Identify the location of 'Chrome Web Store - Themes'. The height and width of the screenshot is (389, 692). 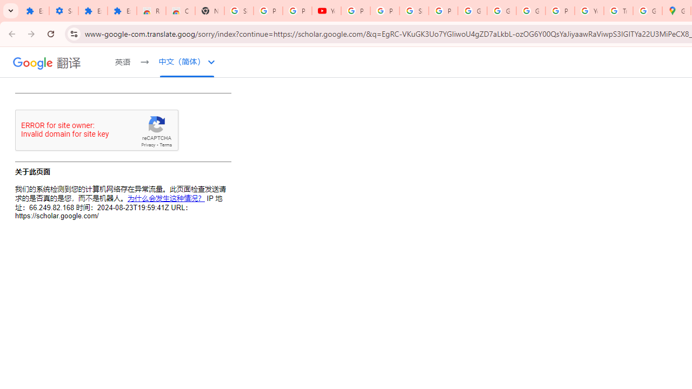
(181, 11).